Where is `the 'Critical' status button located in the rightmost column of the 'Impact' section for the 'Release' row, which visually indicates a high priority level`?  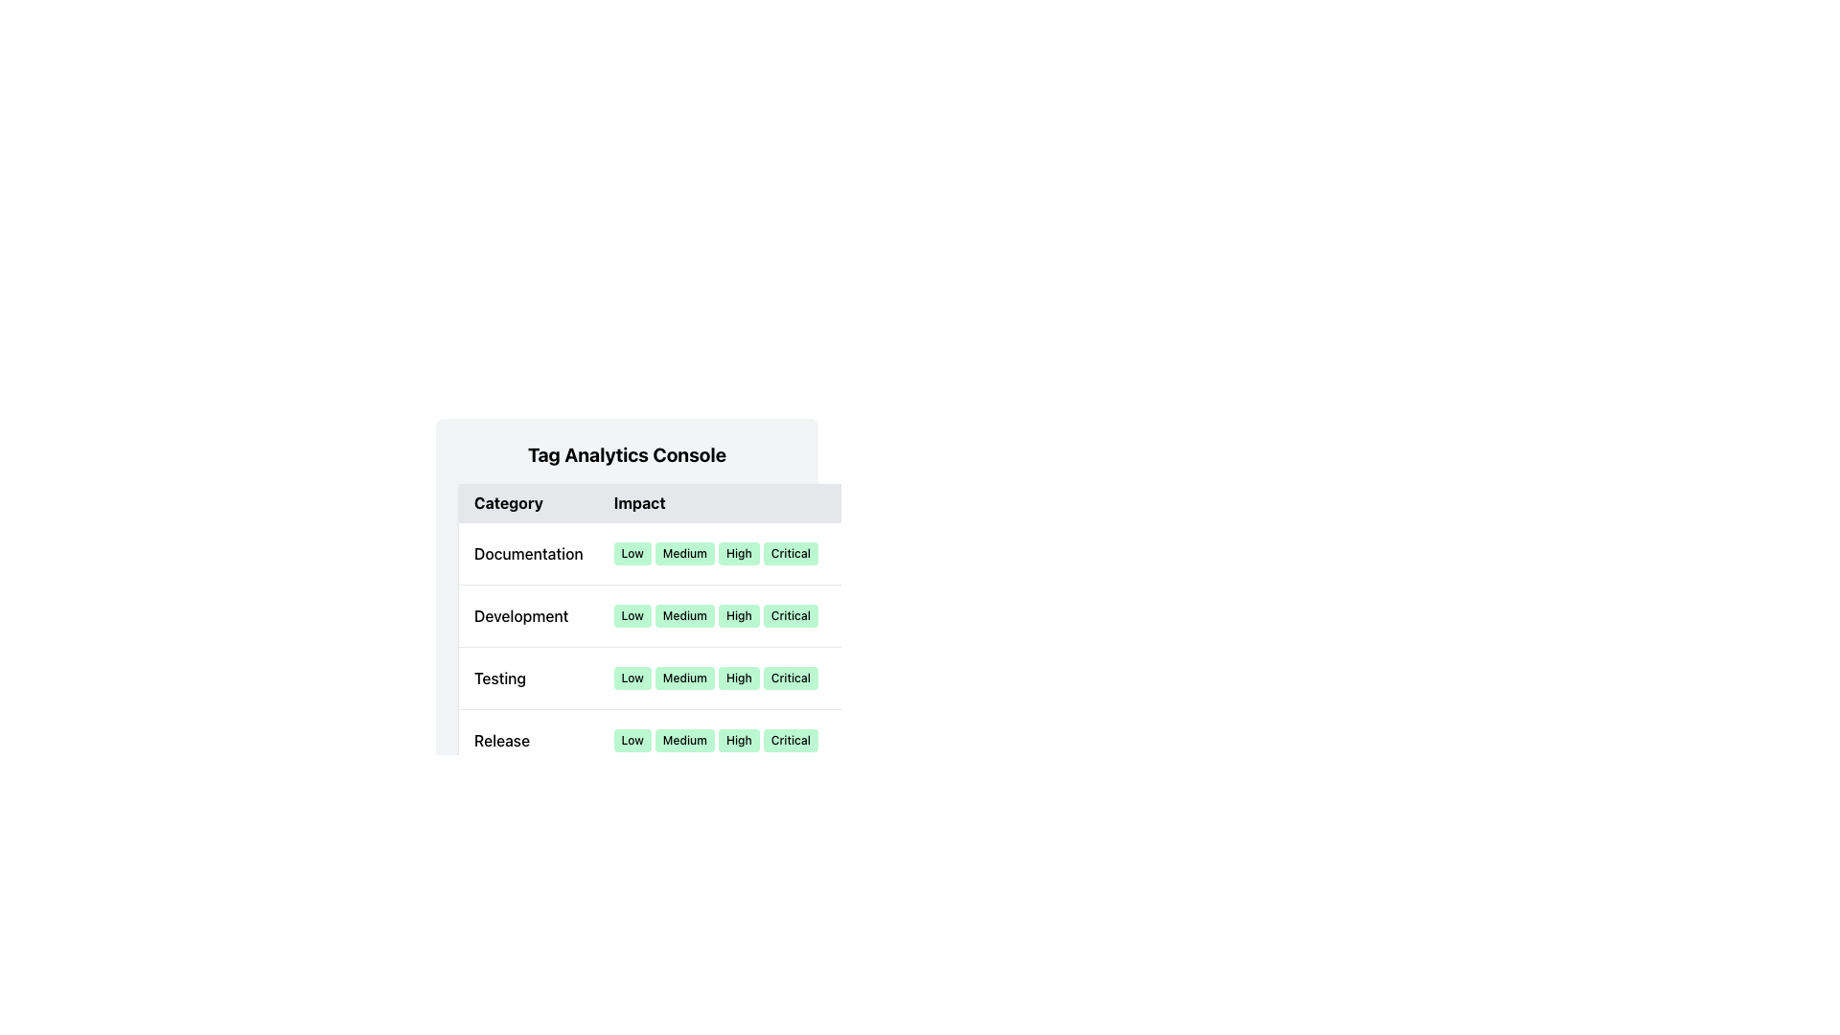 the 'Critical' status button located in the rightmost column of the 'Impact' section for the 'Release' row, which visually indicates a high priority level is located at coordinates (791, 739).